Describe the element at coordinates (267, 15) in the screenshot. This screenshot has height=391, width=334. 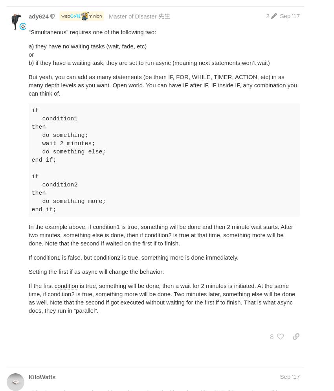
I see `'2'` at that location.